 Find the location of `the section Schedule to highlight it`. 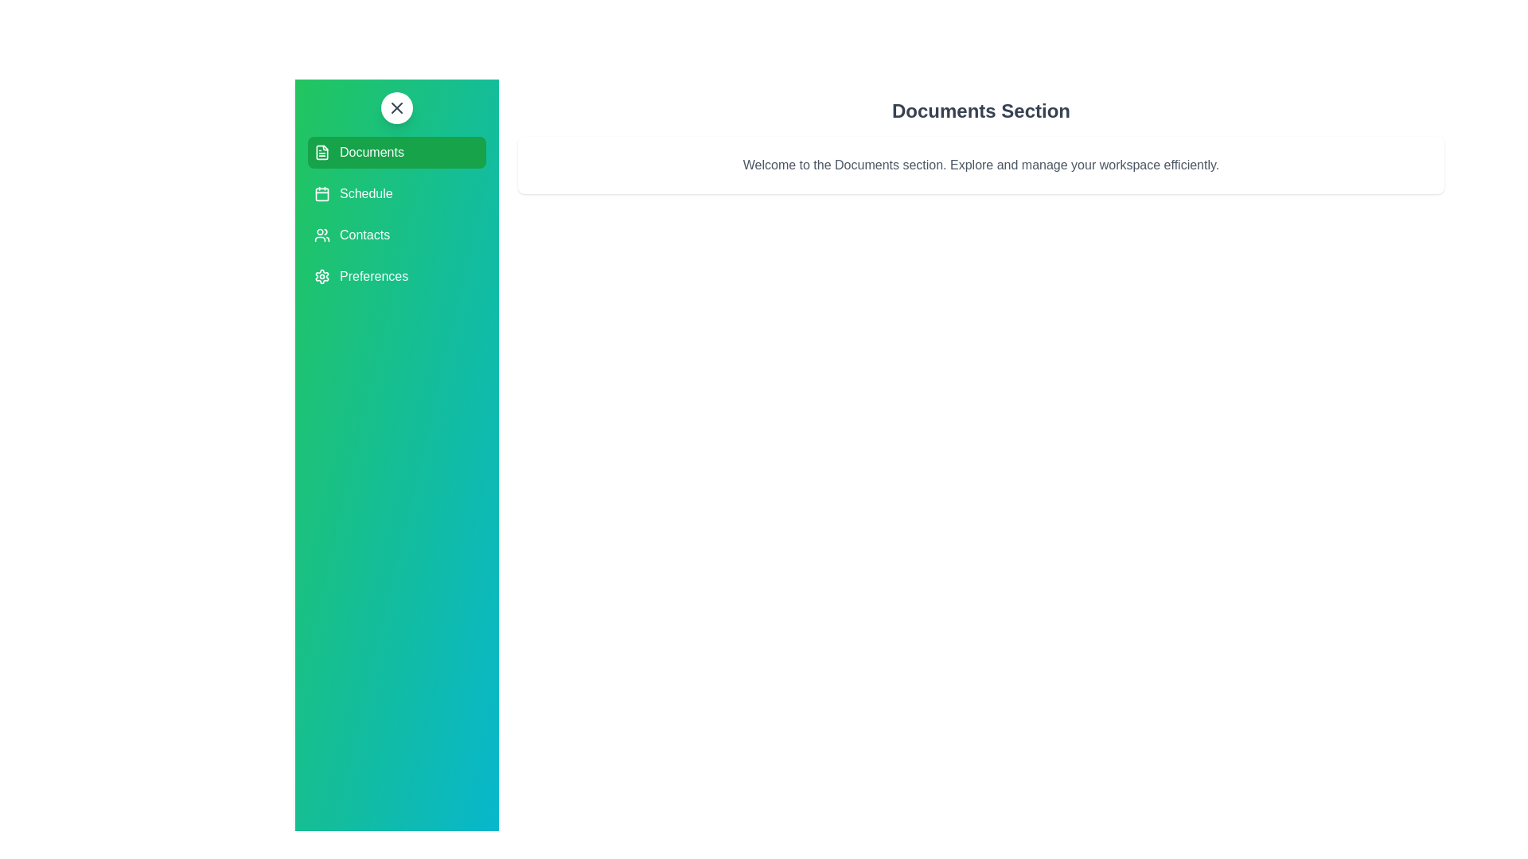

the section Schedule to highlight it is located at coordinates (397, 192).